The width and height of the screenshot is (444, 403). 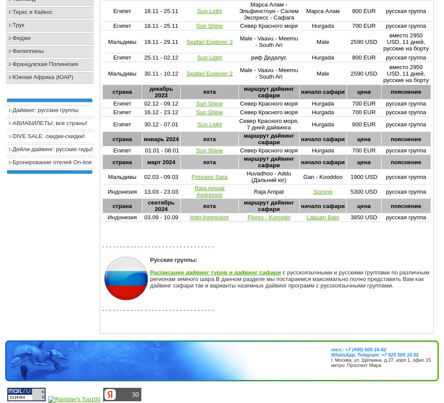 What do you see at coordinates (161, 57) in the screenshot?
I see `'25.11 - 02.12'` at bounding box center [161, 57].